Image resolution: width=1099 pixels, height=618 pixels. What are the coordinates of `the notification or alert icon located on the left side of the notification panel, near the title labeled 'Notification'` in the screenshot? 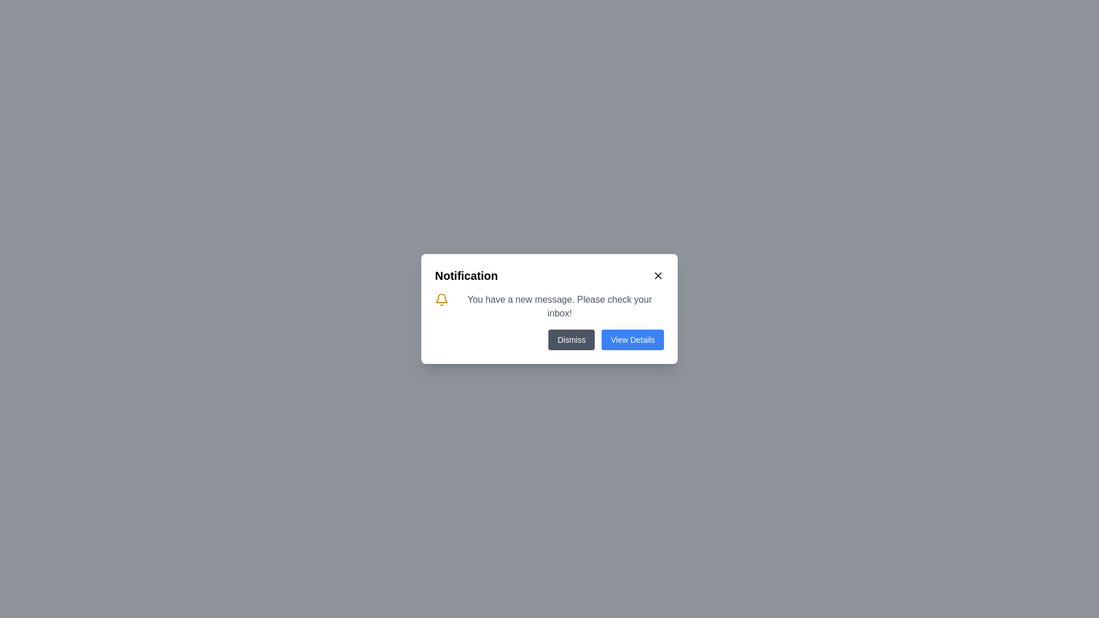 It's located at (441, 298).